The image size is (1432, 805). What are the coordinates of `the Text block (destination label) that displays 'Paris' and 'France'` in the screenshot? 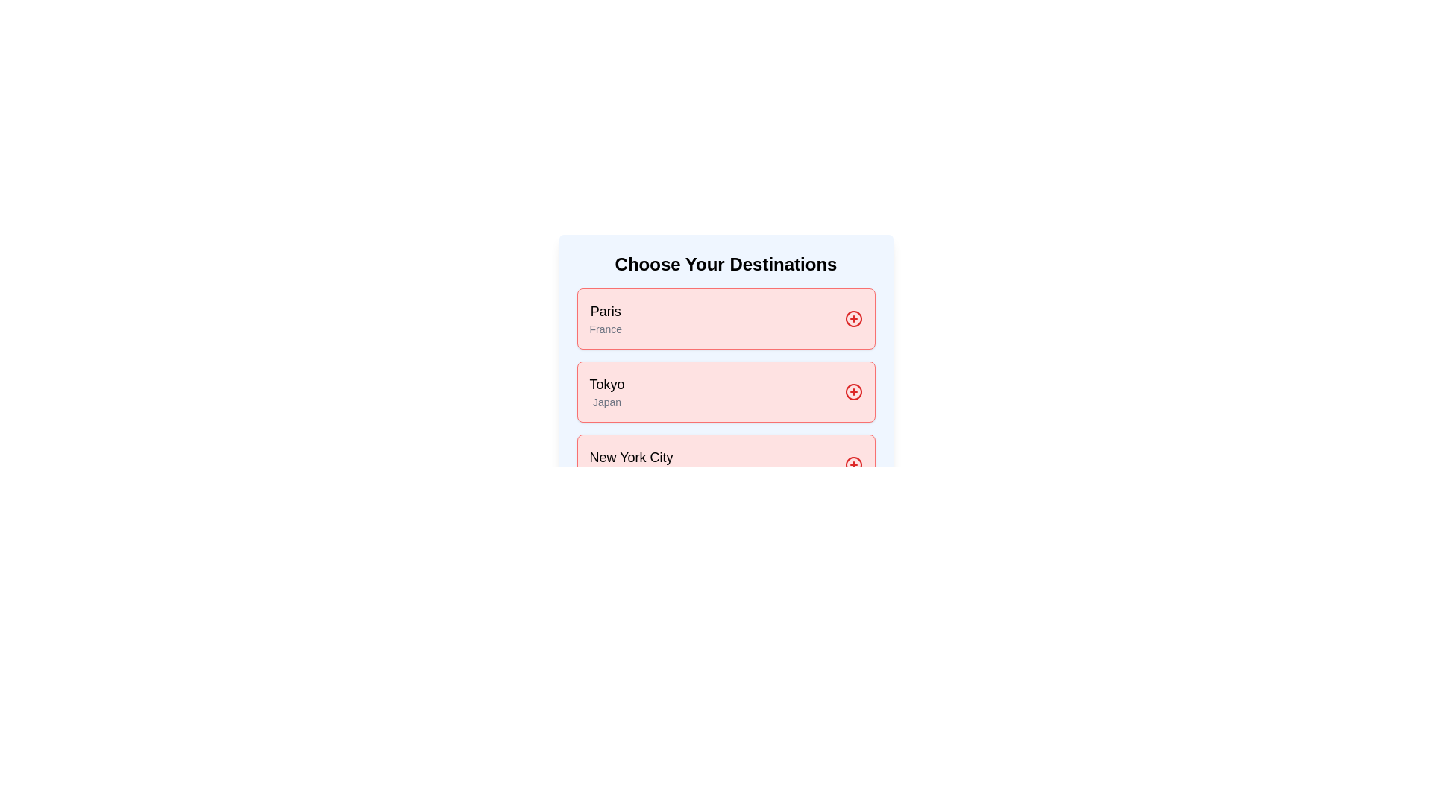 It's located at (606, 318).